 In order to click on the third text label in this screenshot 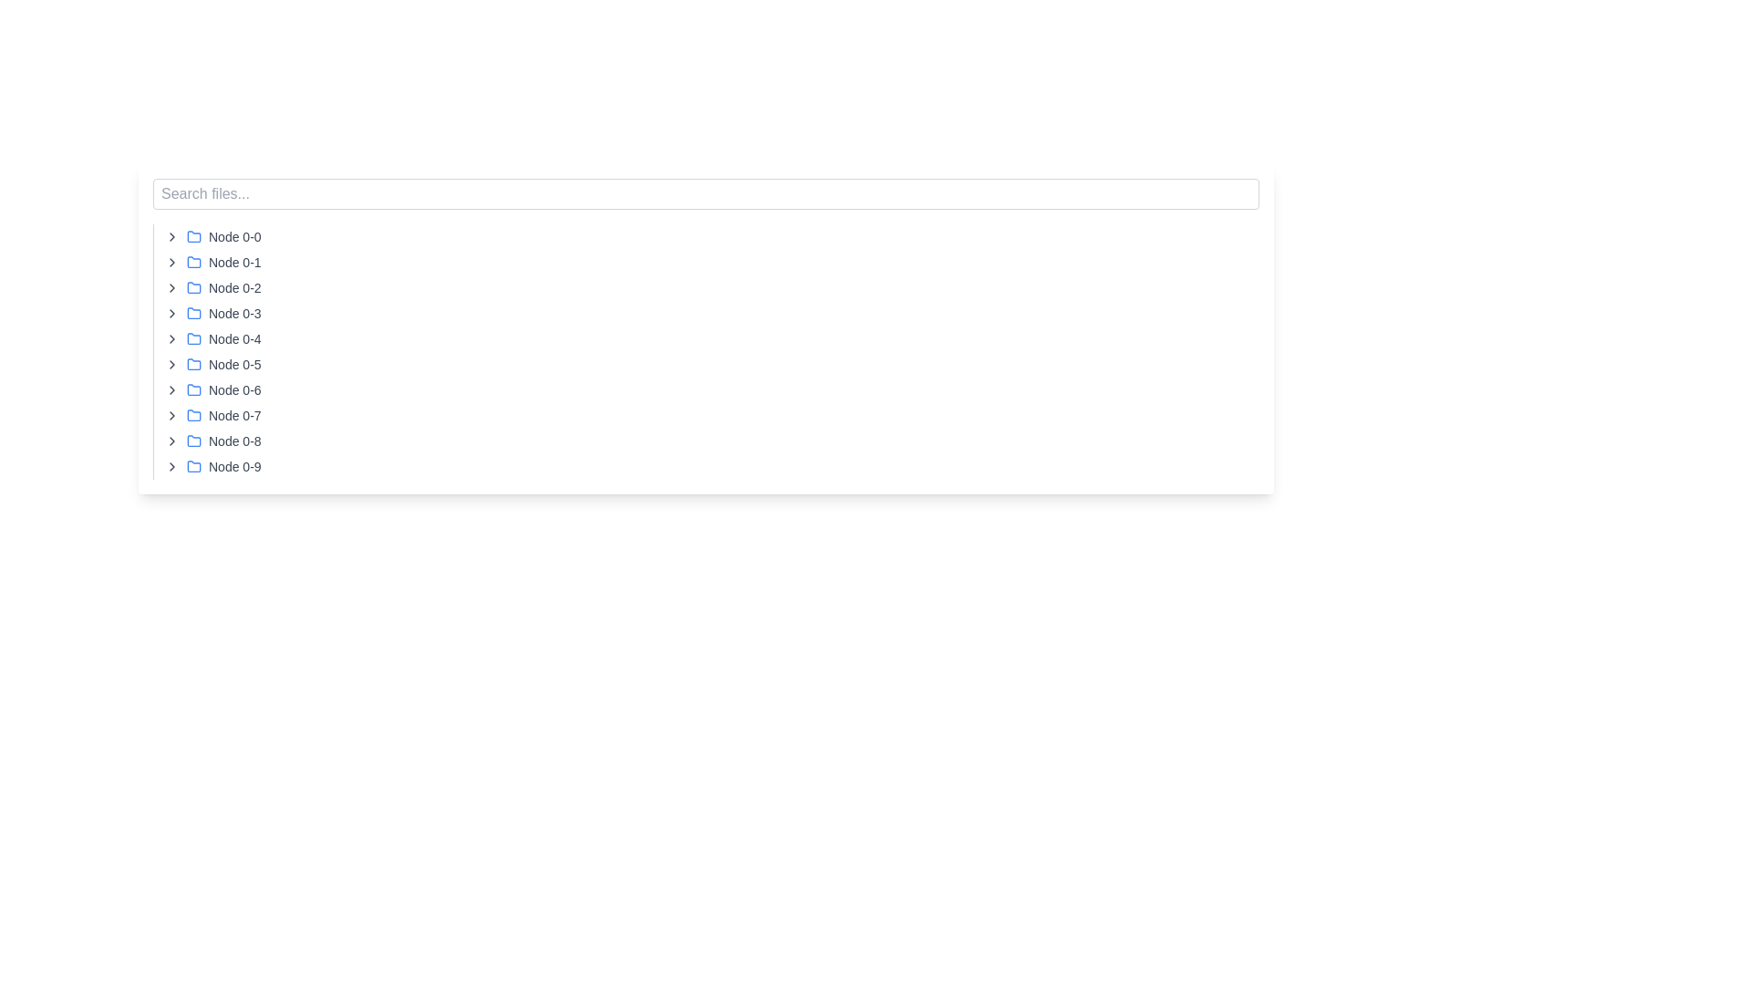, I will do `click(233, 263)`.